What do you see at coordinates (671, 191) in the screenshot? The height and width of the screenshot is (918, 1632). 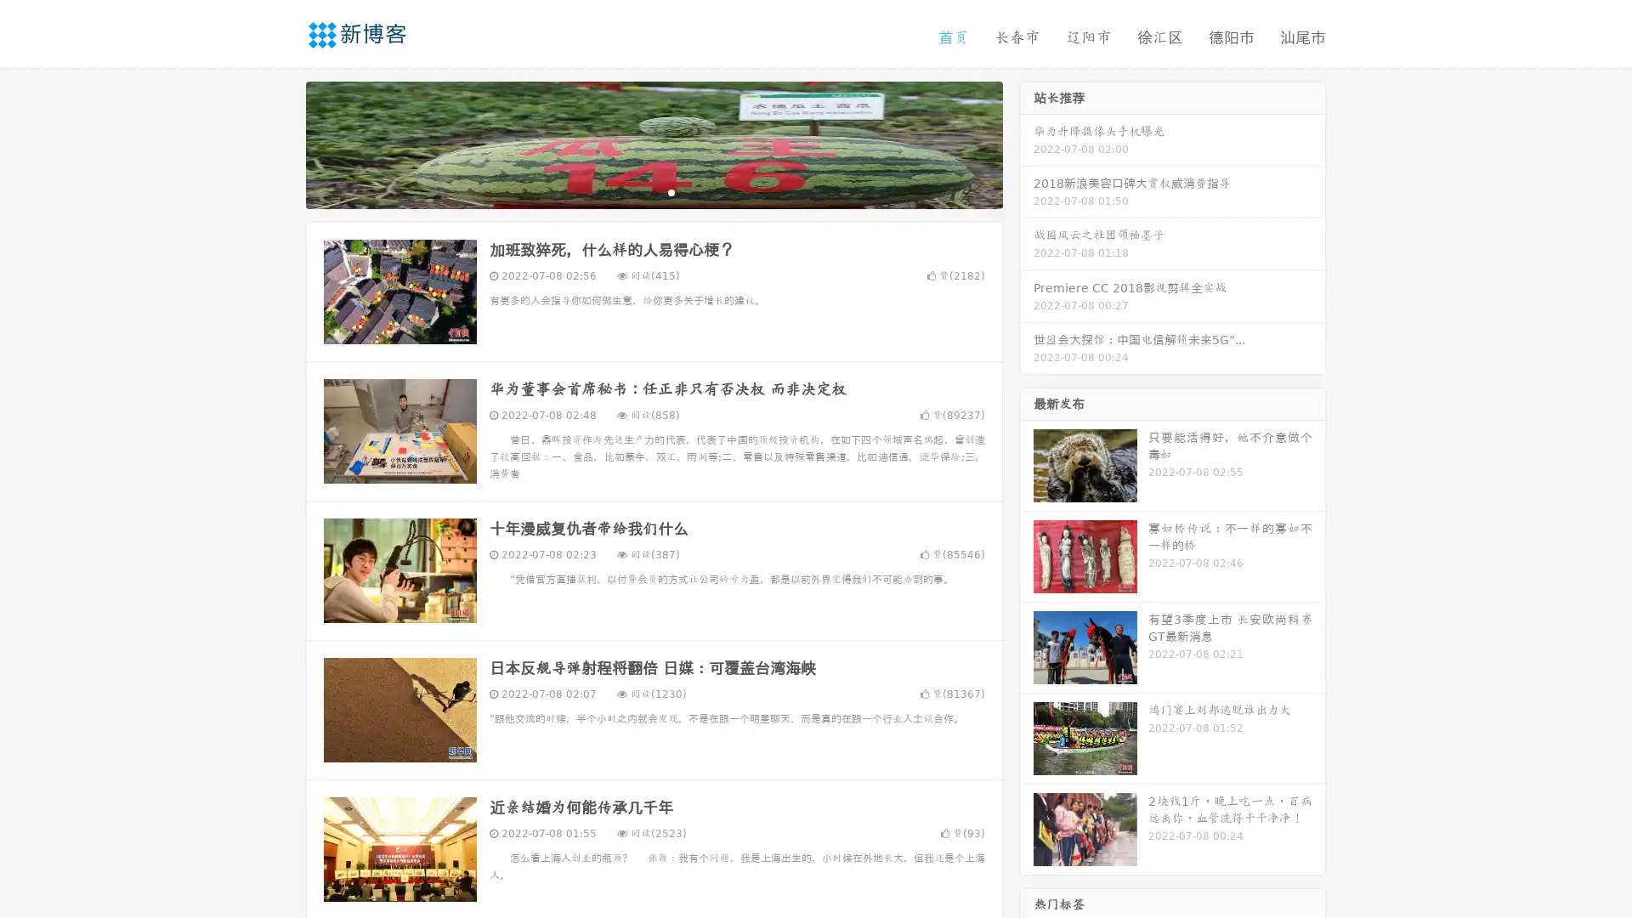 I see `Go to slide 3` at bounding box center [671, 191].